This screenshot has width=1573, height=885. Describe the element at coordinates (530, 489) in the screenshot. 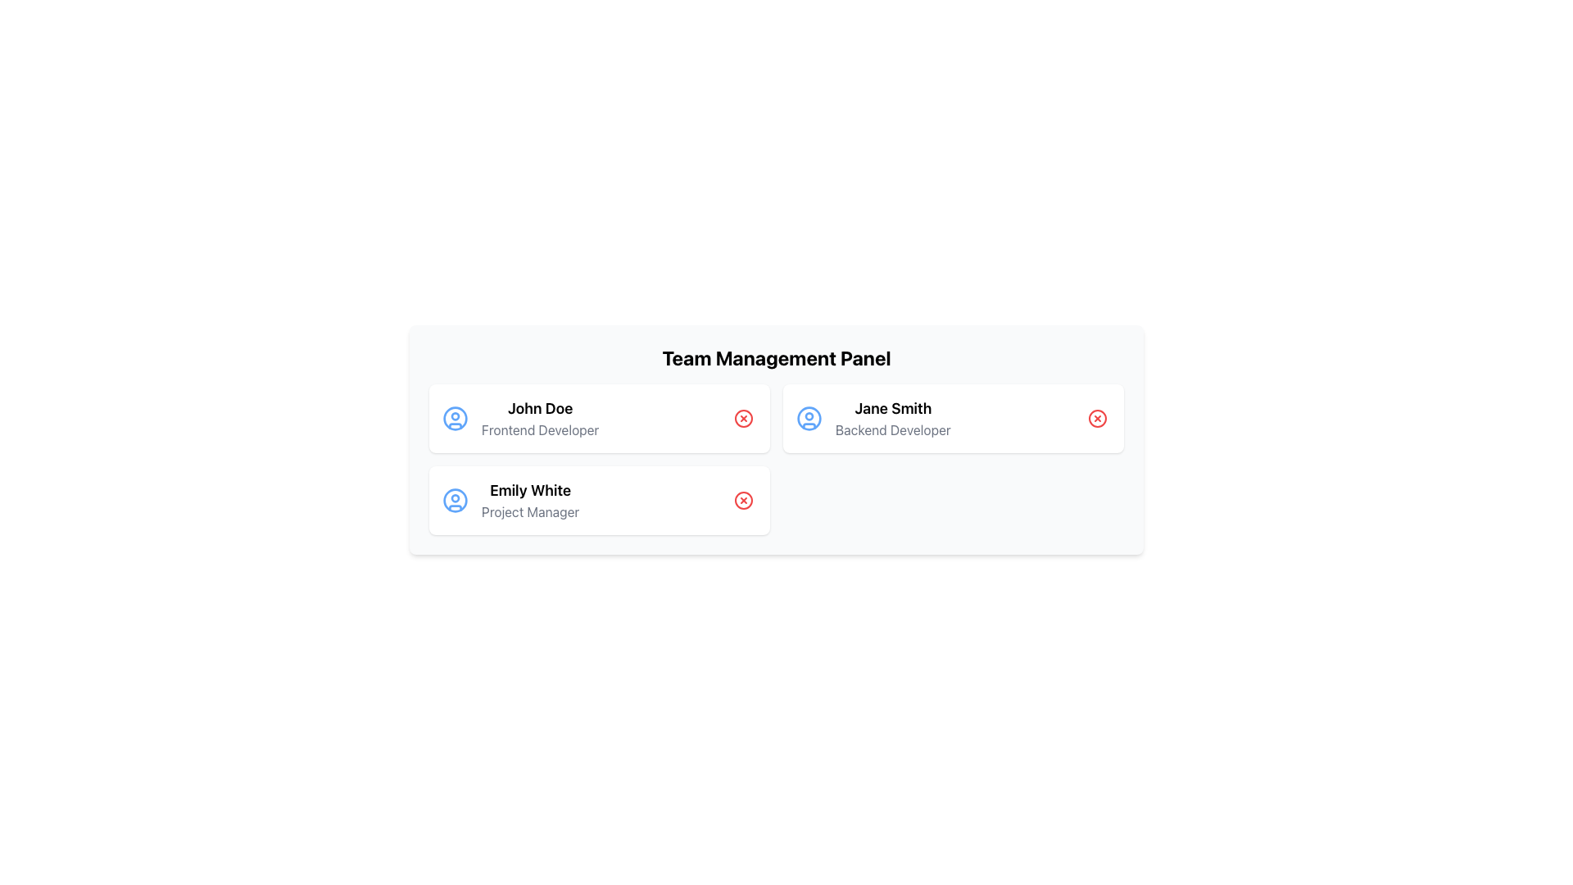

I see `the label displaying the name 'Emily White', which is styled in bold and larger typography, positioned above the text 'Project Manager' in the user card layout` at that location.